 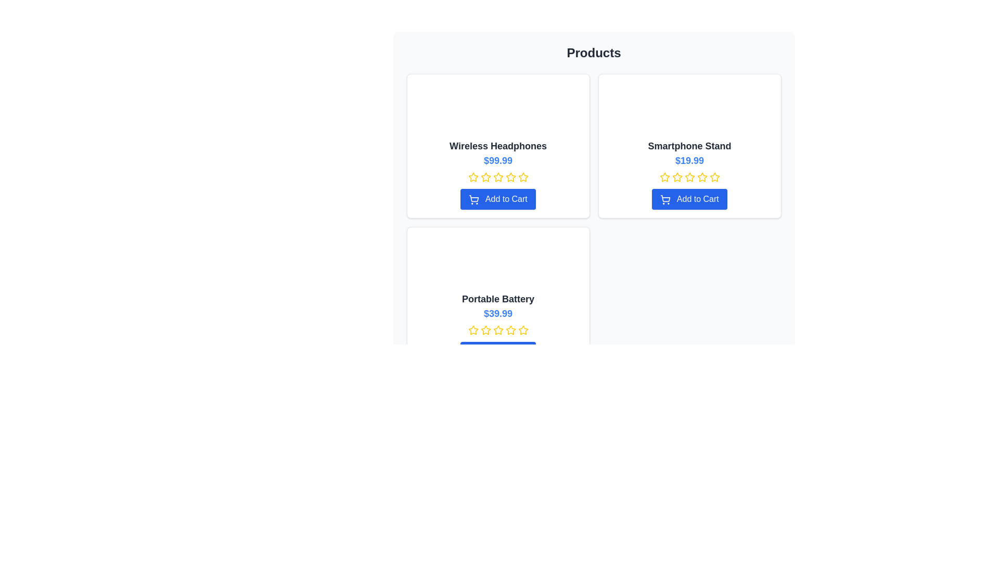 What do you see at coordinates (472, 330) in the screenshot?
I see `the first five-pointed star icon with a yellow fill in the rating section of the 'Portable Battery' card to rate it` at bounding box center [472, 330].